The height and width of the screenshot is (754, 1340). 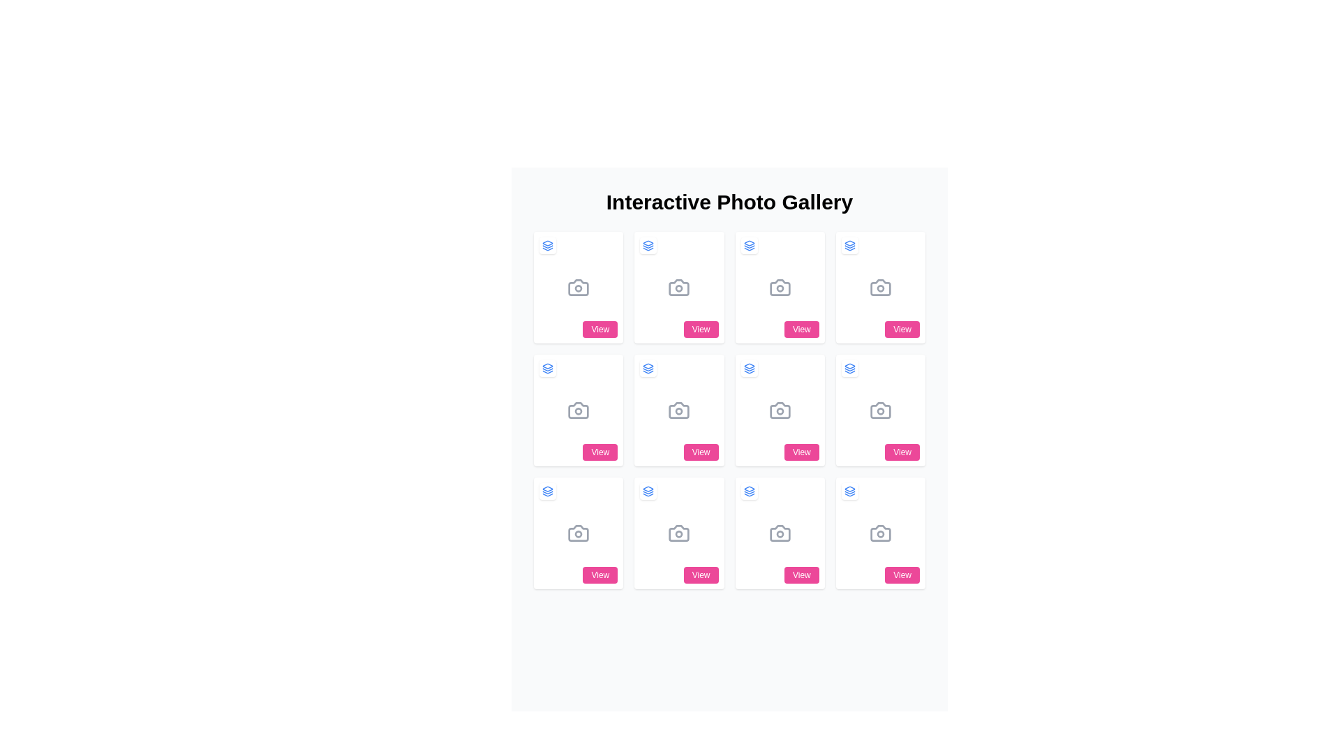 What do you see at coordinates (779, 533) in the screenshot?
I see `the stylized gray camera icon located in the 10th image placeholder of the photo gallery` at bounding box center [779, 533].